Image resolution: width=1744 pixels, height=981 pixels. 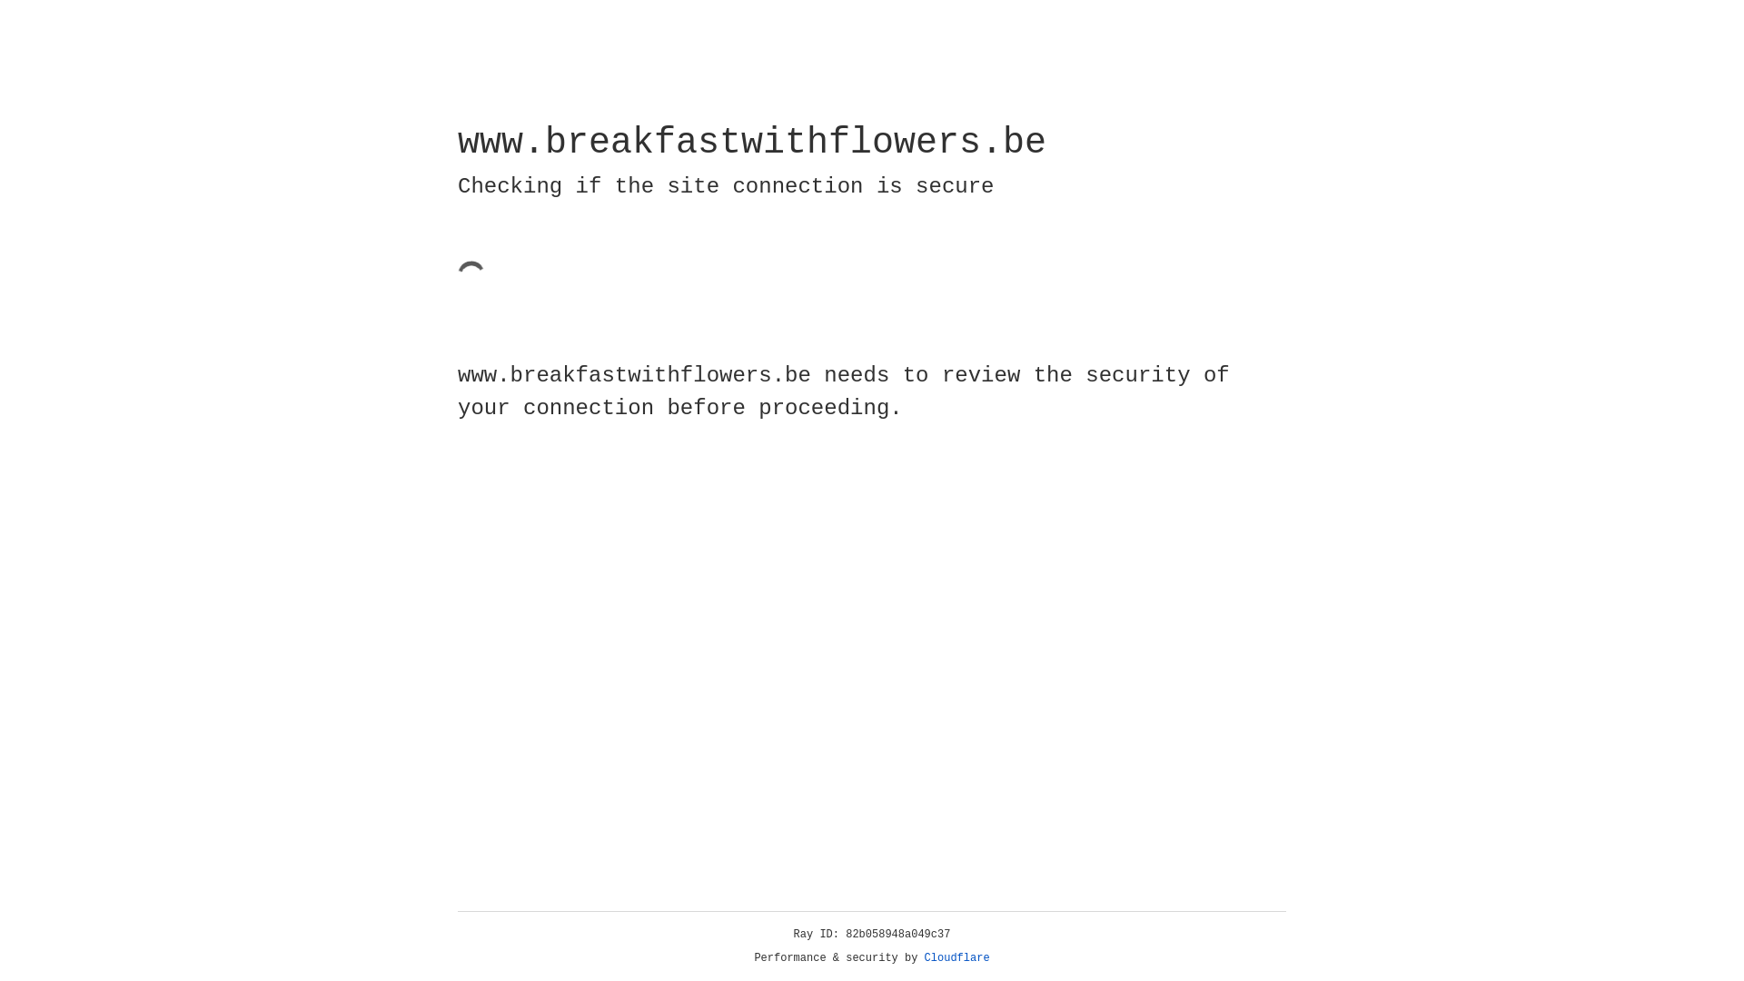 I want to click on 'Cloudflare', so click(x=956, y=957).